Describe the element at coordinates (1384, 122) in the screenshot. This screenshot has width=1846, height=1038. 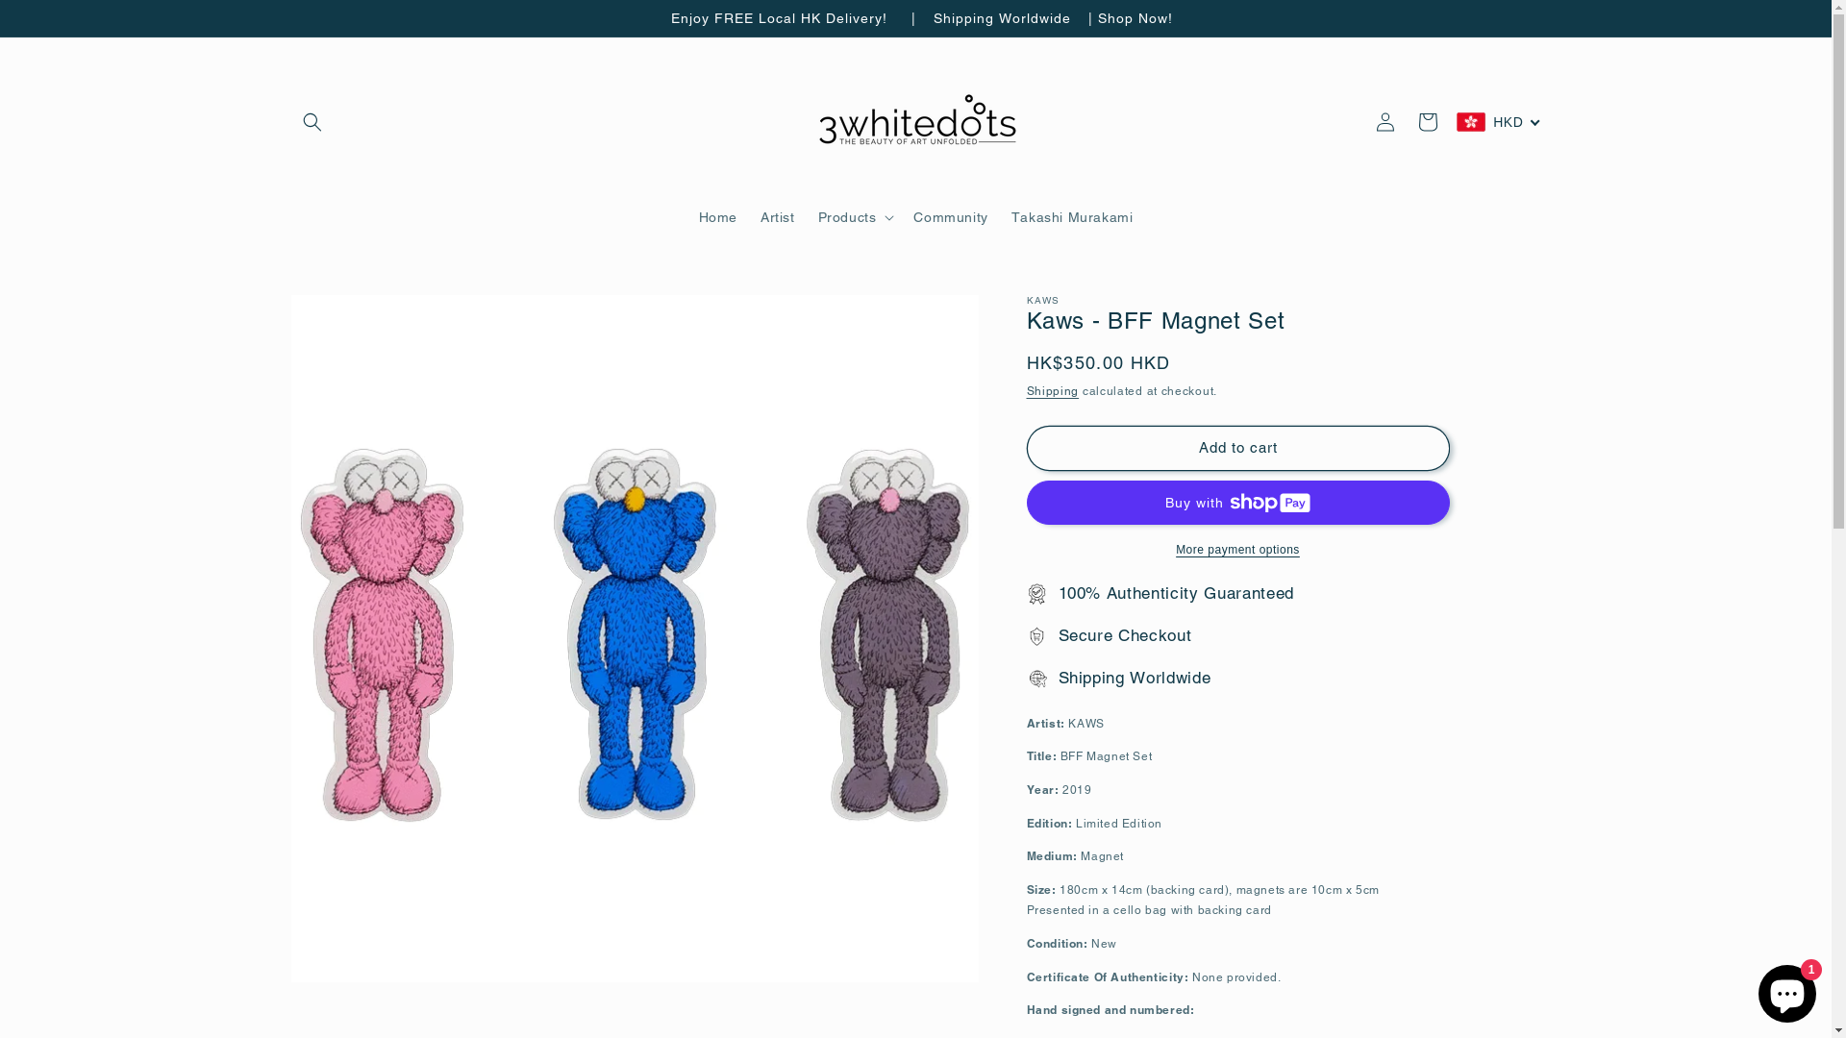
I see `'Log in'` at that location.